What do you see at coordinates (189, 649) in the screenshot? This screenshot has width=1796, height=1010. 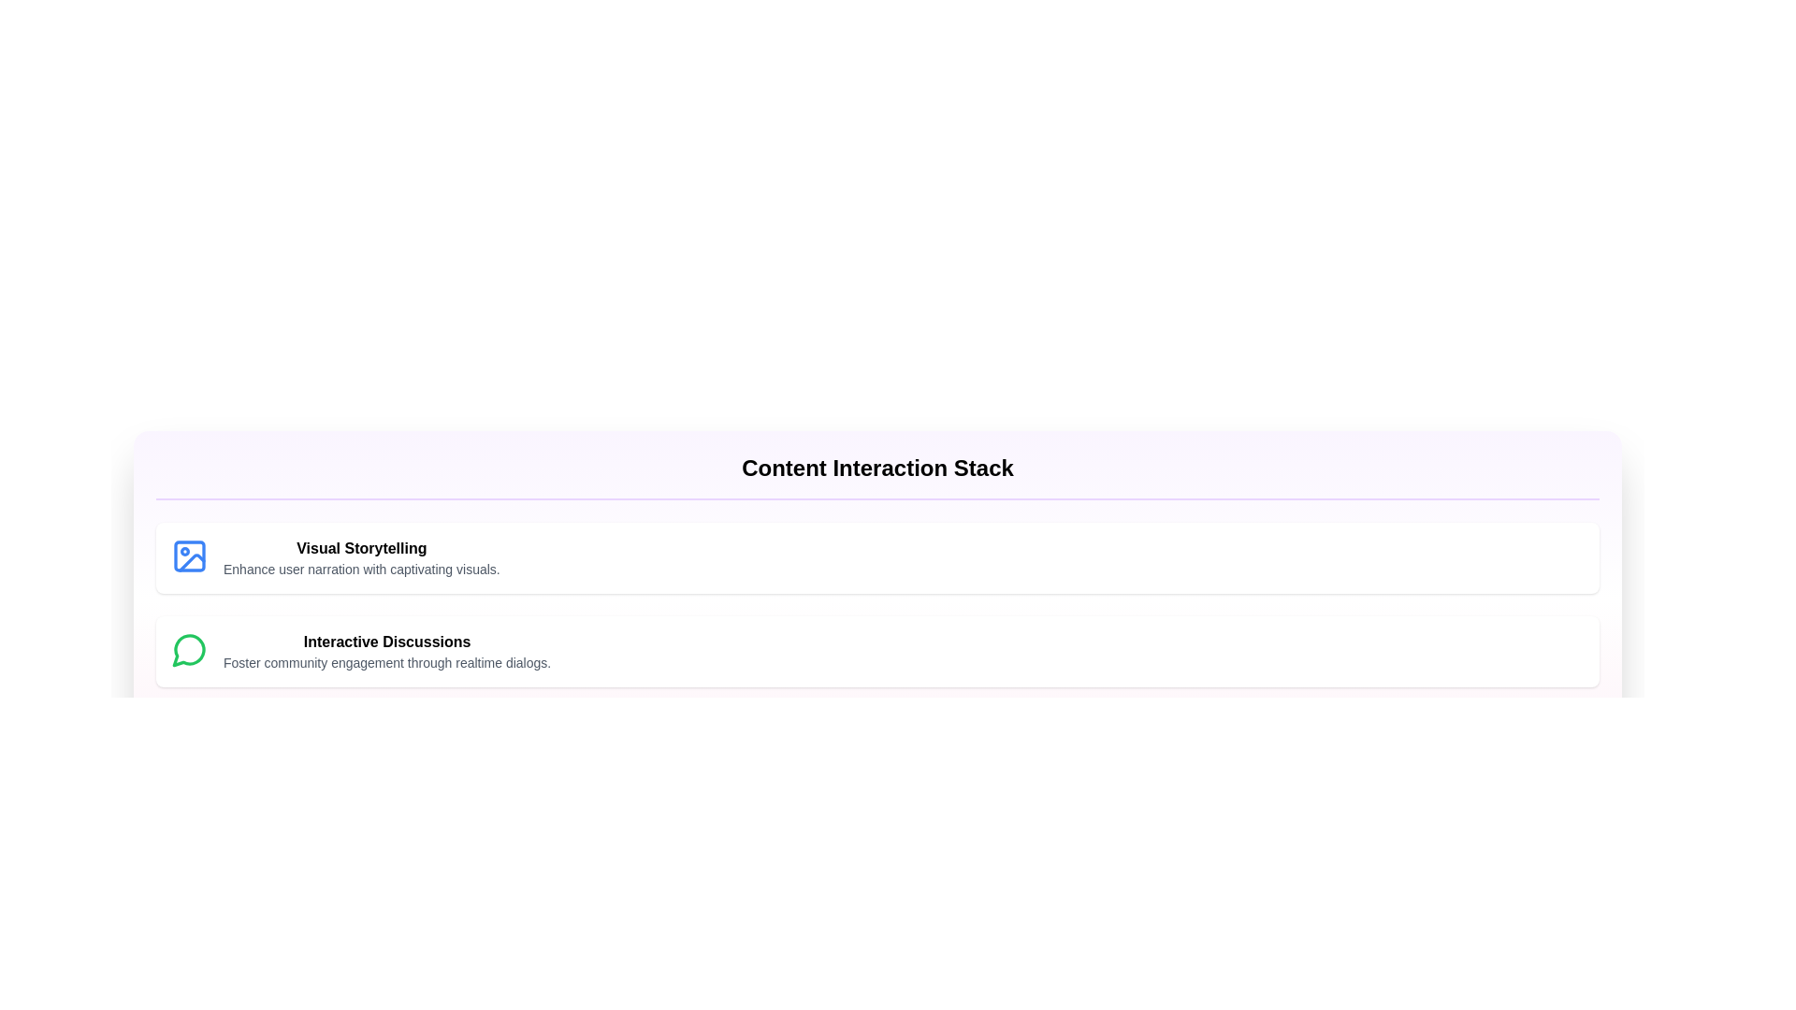 I see `the icon associated with the 'Interactive Discussions' feature, which is located inside the list item labeled 'Interactive Discussions' and positioned to the left within its containing section` at bounding box center [189, 649].